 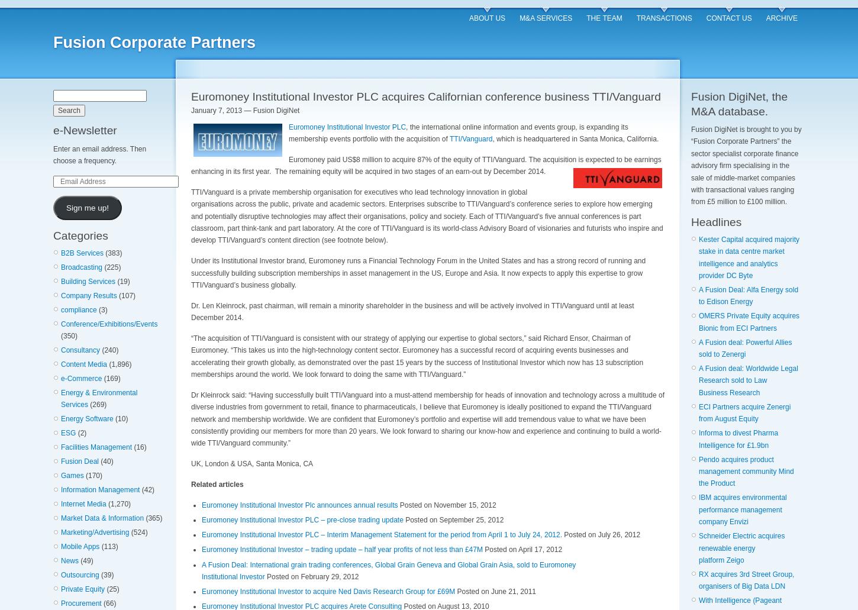 What do you see at coordinates (748, 295) in the screenshot?
I see `'A Fusion Deal: Alfa Energy sold to Edison Energy'` at bounding box center [748, 295].